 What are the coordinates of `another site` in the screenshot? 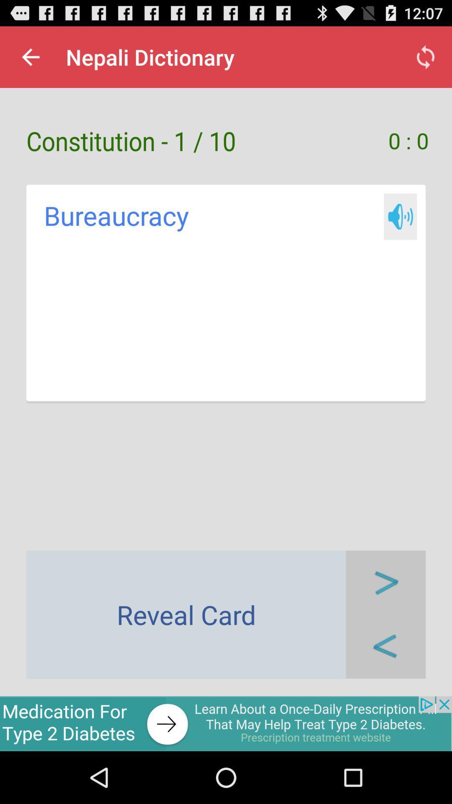 It's located at (226, 723).